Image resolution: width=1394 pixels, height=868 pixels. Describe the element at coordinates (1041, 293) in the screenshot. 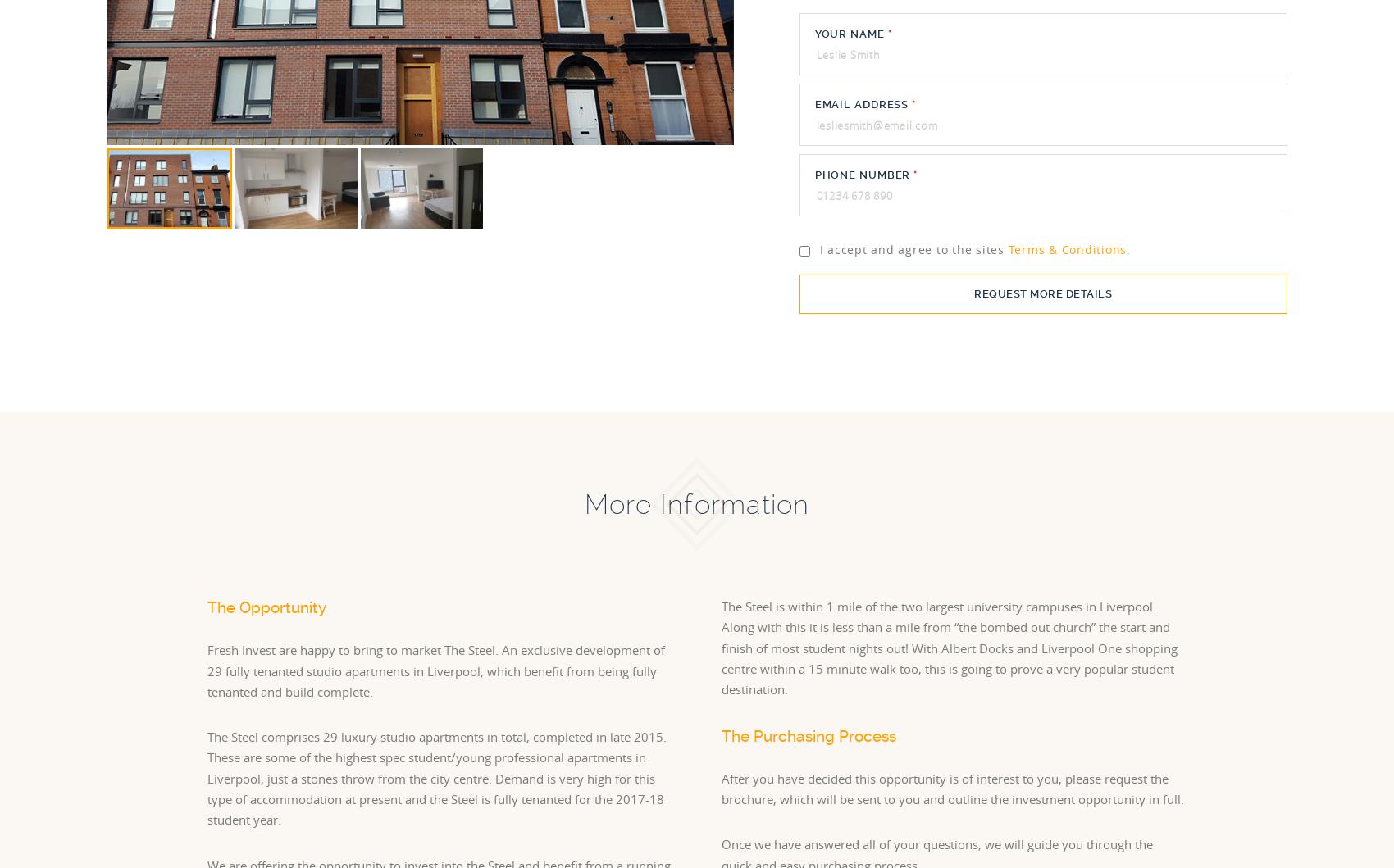

I see `'Request more details'` at that location.